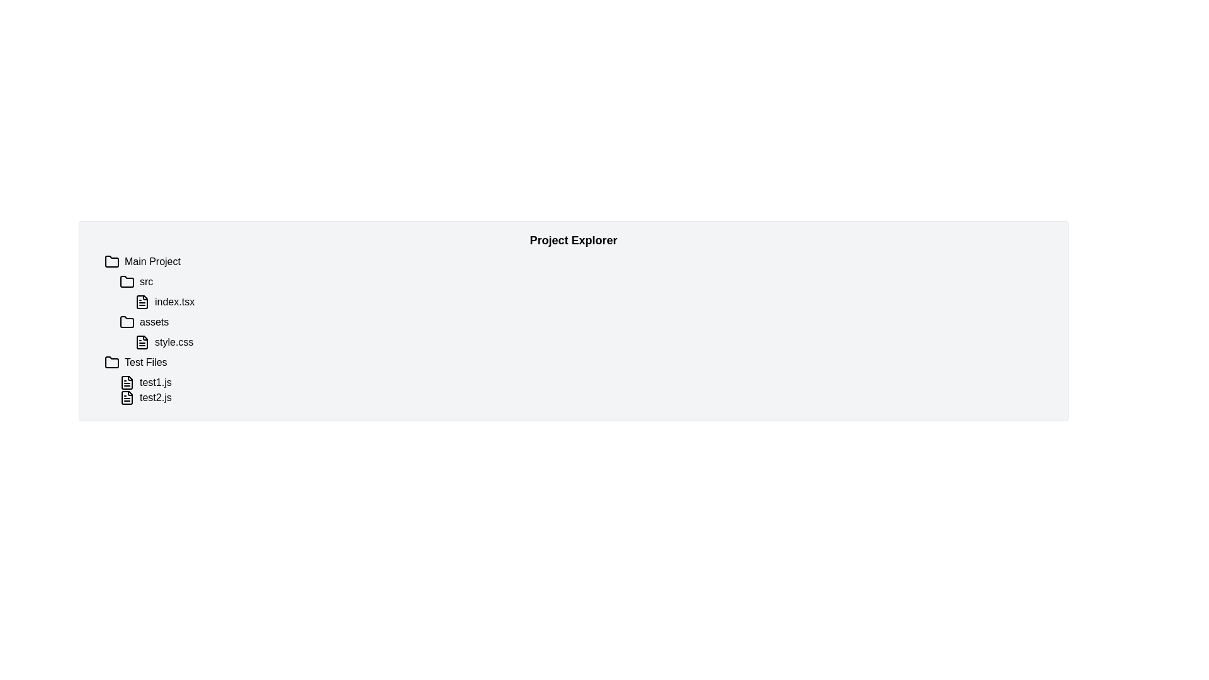 Image resolution: width=1209 pixels, height=680 pixels. What do you see at coordinates (111, 362) in the screenshot?
I see `the folder icon representing the 'Test Files' directory` at bounding box center [111, 362].